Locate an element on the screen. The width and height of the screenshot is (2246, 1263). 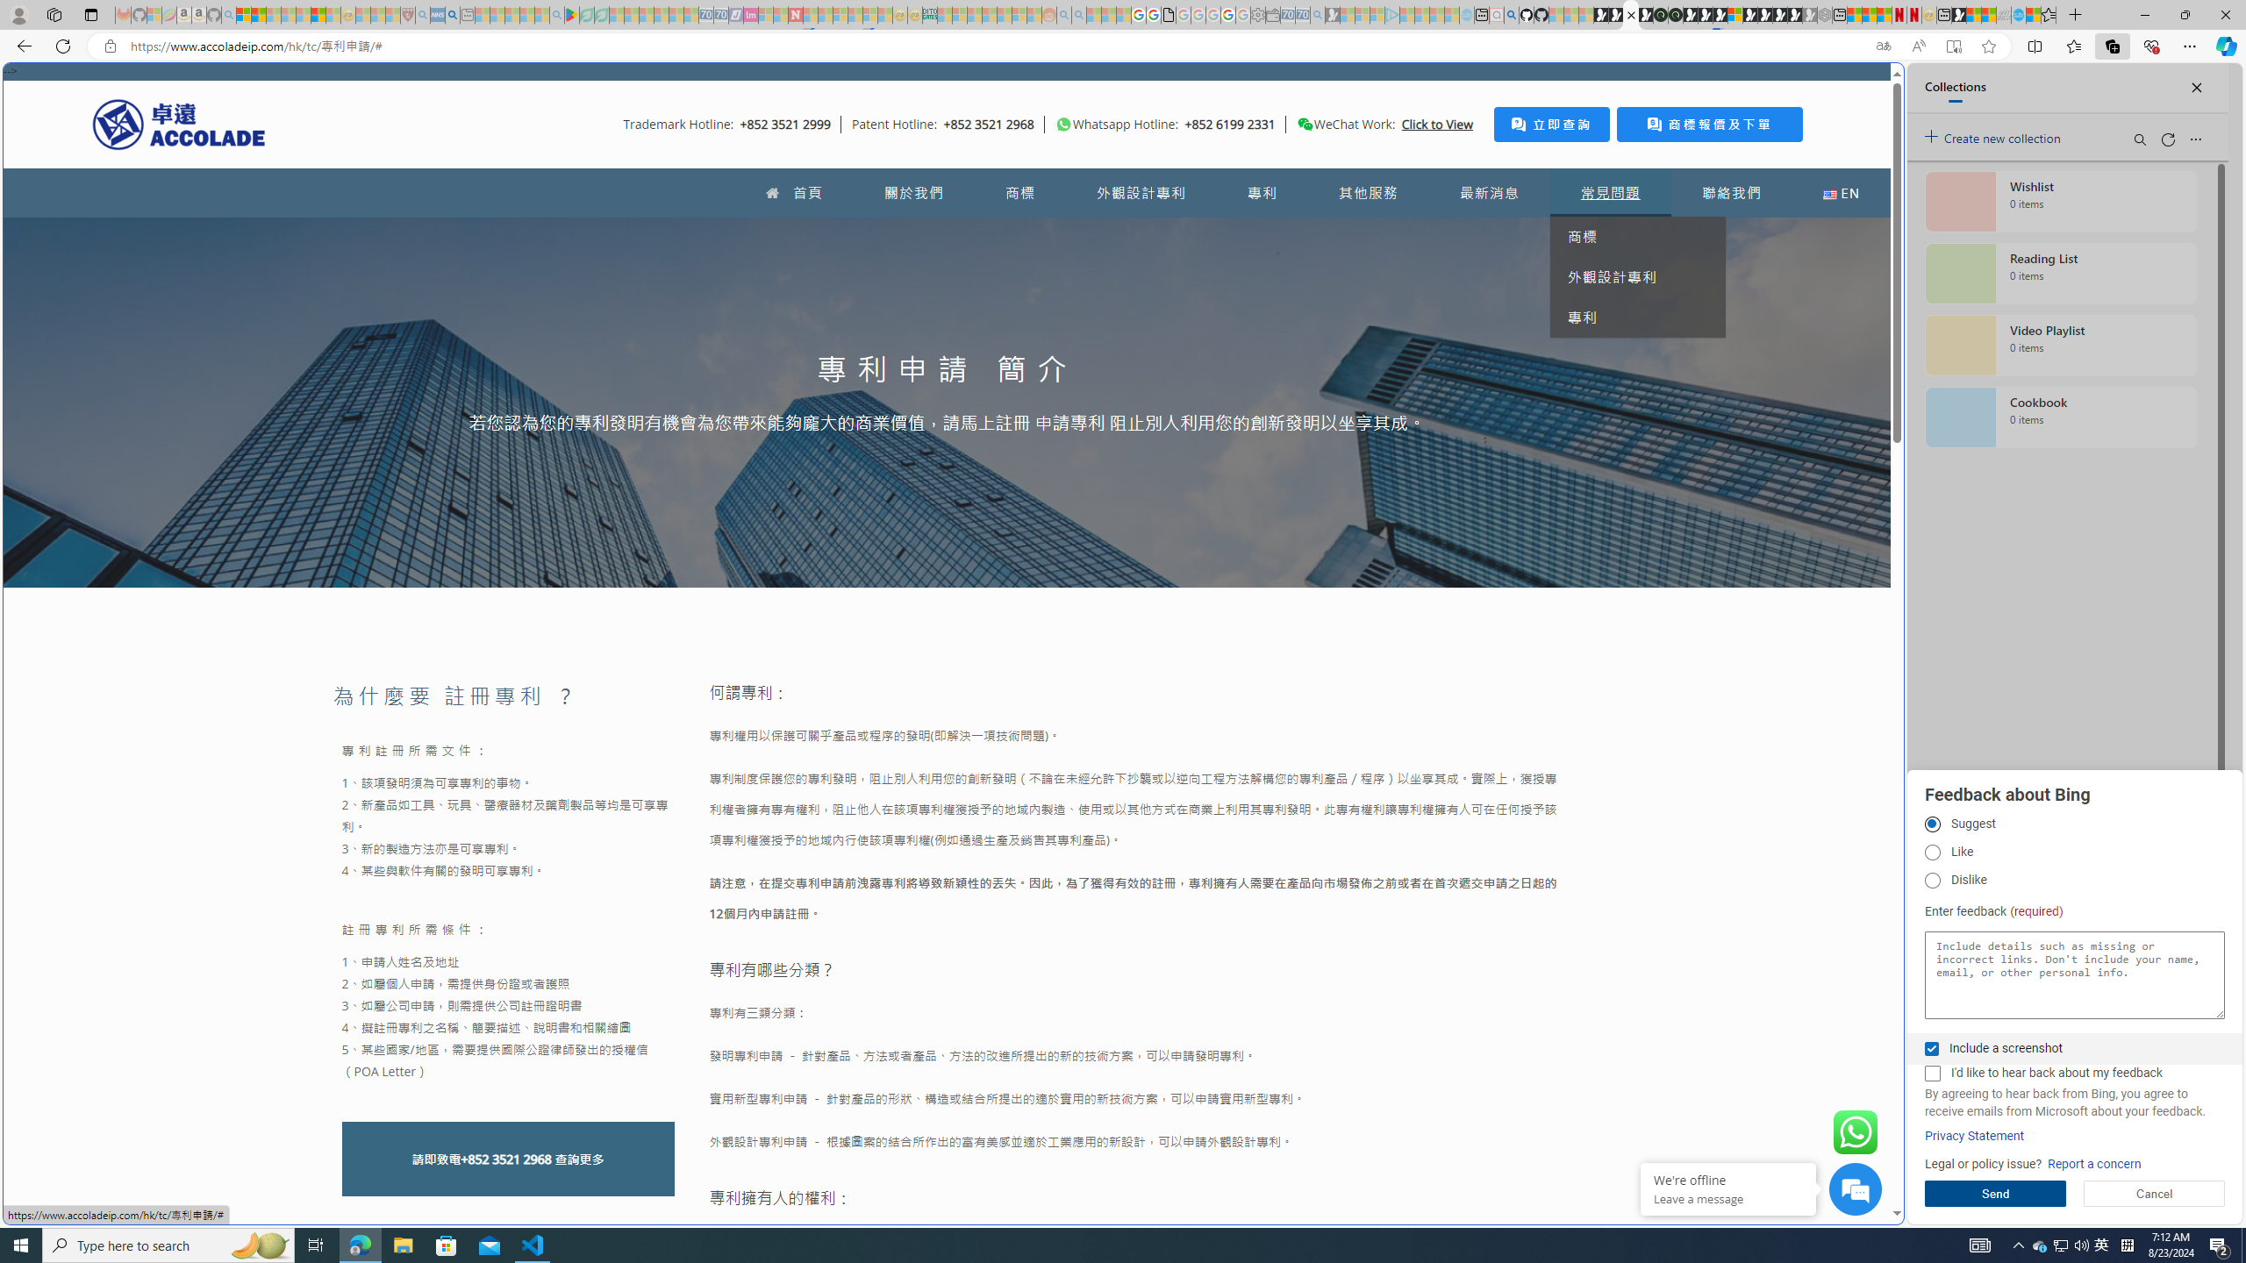
'Close split screen' is located at coordinates (1863, 88).